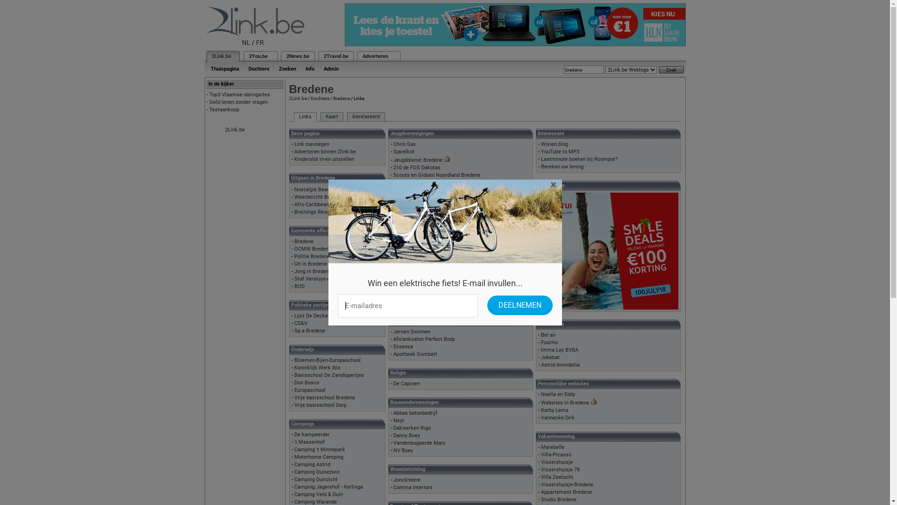  I want to click on 'Dakwerken Rigo', so click(412, 428).